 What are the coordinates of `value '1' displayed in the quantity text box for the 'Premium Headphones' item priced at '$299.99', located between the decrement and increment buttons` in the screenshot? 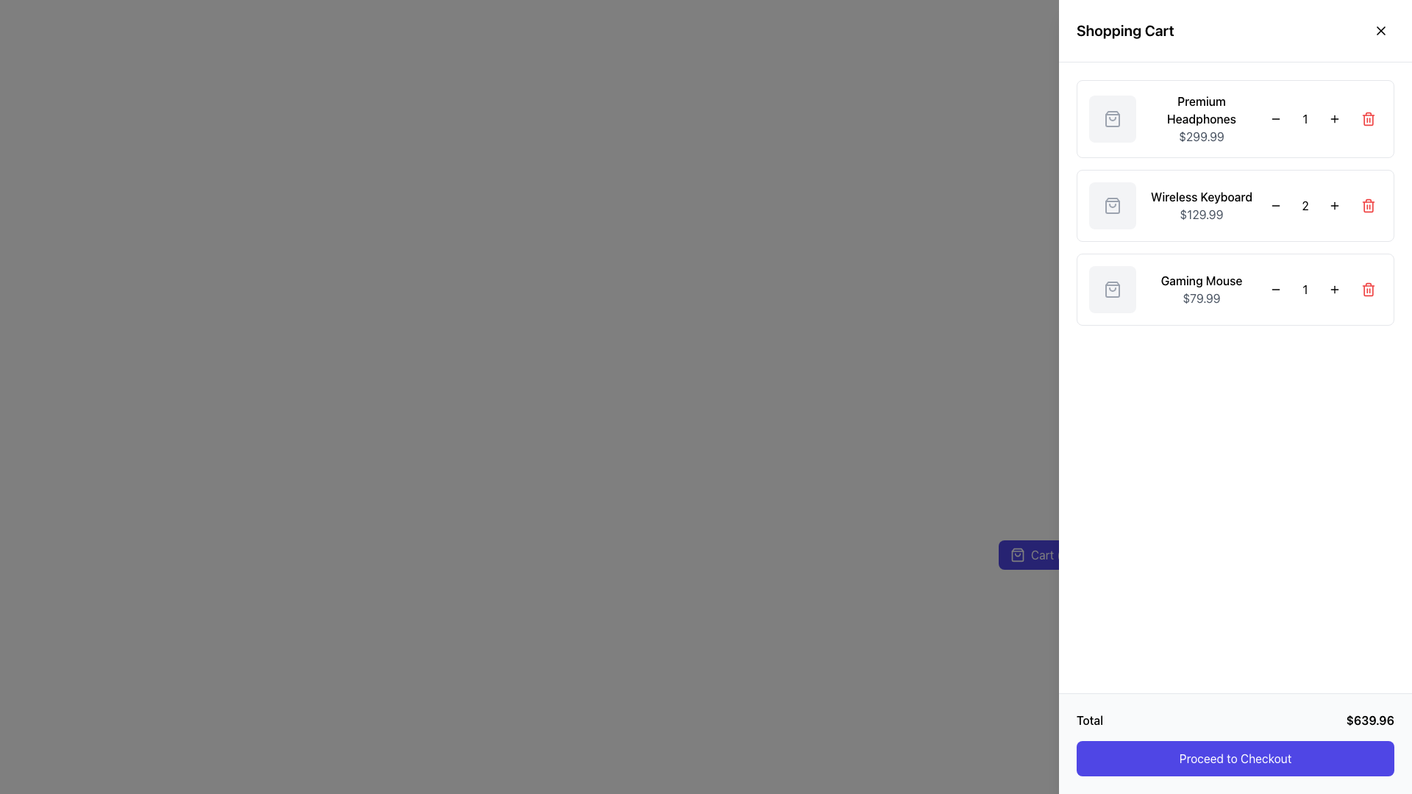 It's located at (1305, 118).